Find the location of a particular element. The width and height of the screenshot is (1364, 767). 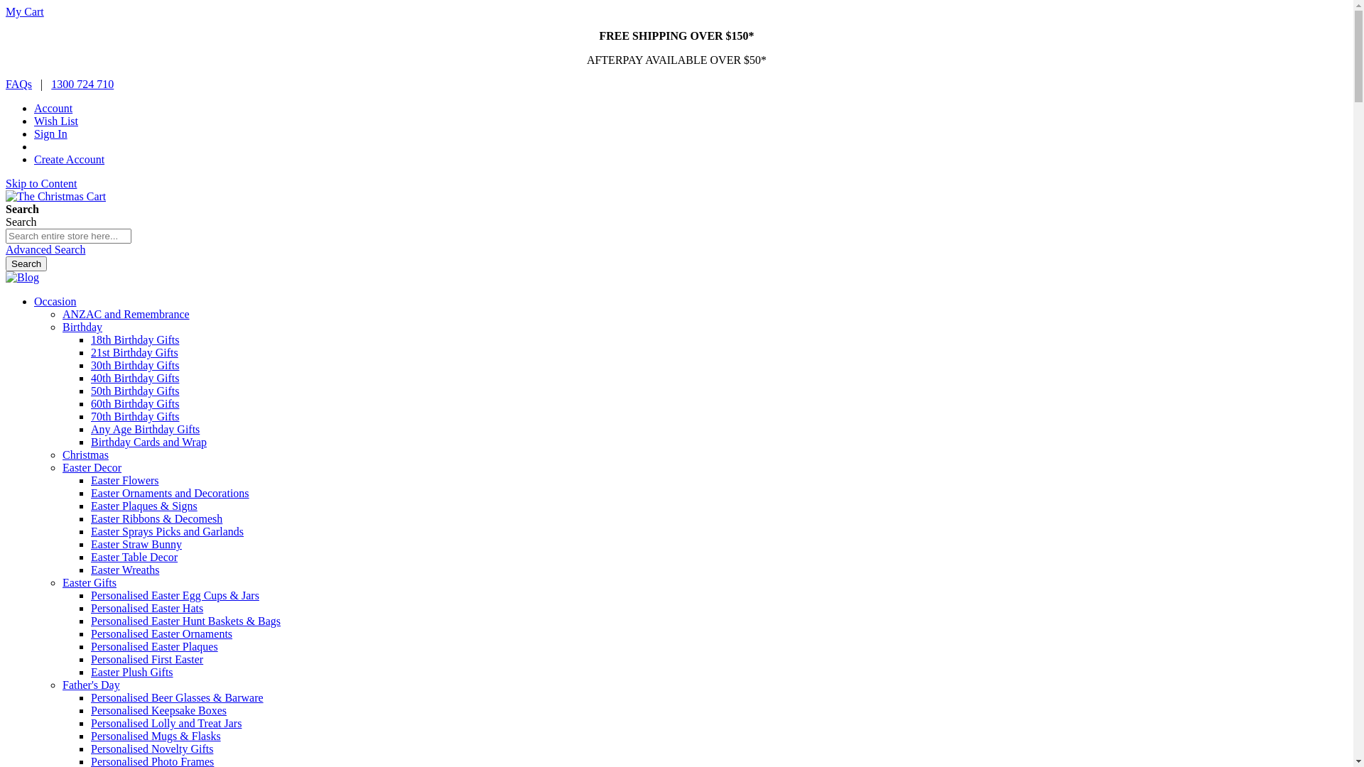

'Personalised Beer Glasses & Barware' is located at coordinates (176, 697).